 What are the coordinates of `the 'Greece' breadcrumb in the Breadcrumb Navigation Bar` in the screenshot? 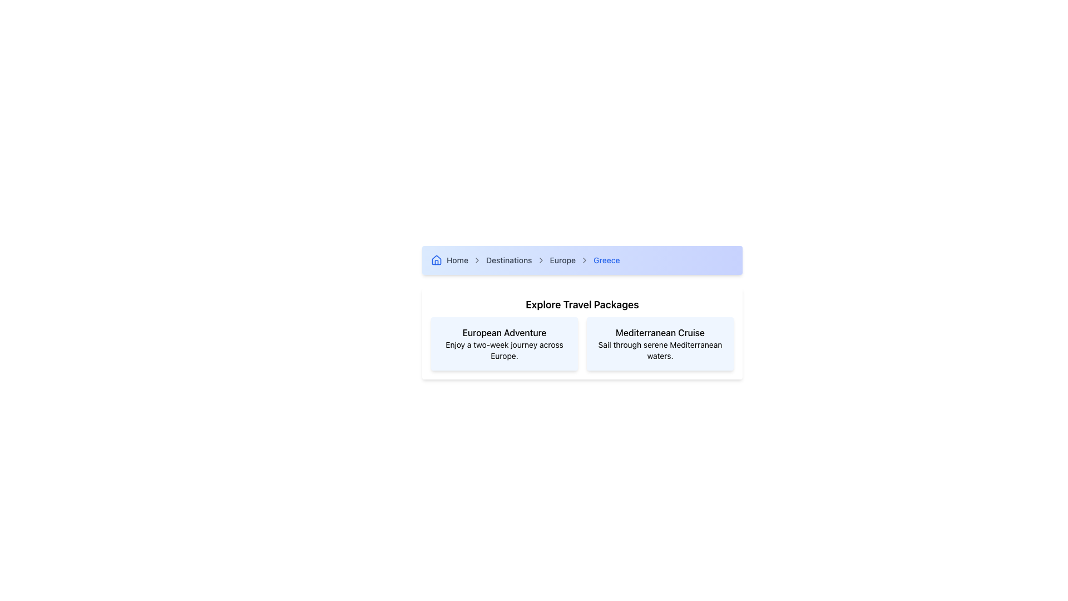 It's located at (581, 260).